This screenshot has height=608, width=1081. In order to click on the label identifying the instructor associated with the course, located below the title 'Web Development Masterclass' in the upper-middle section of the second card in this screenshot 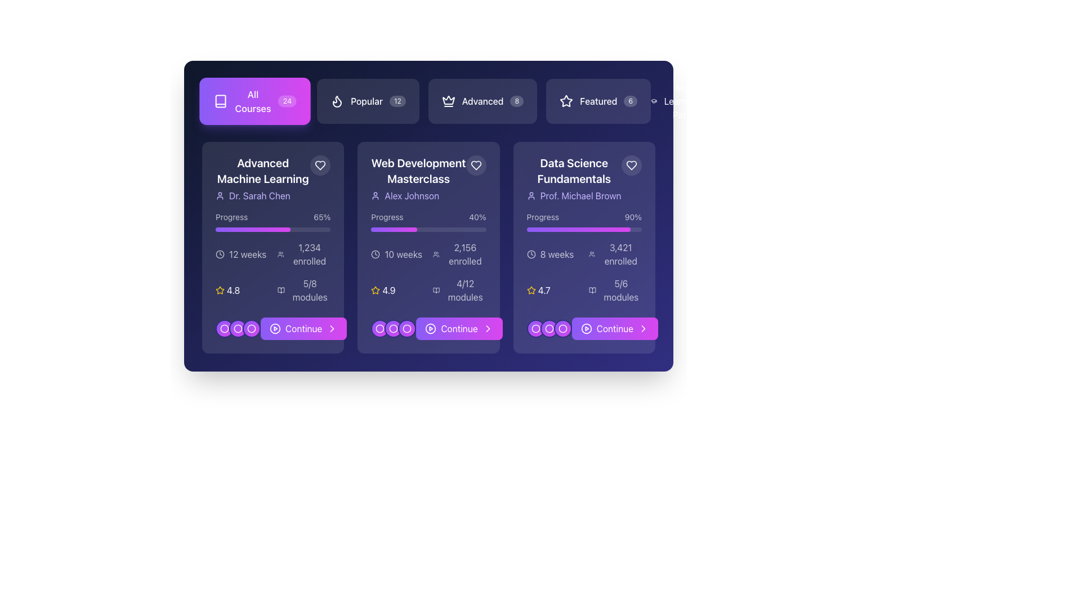, I will do `click(418, 195)`.